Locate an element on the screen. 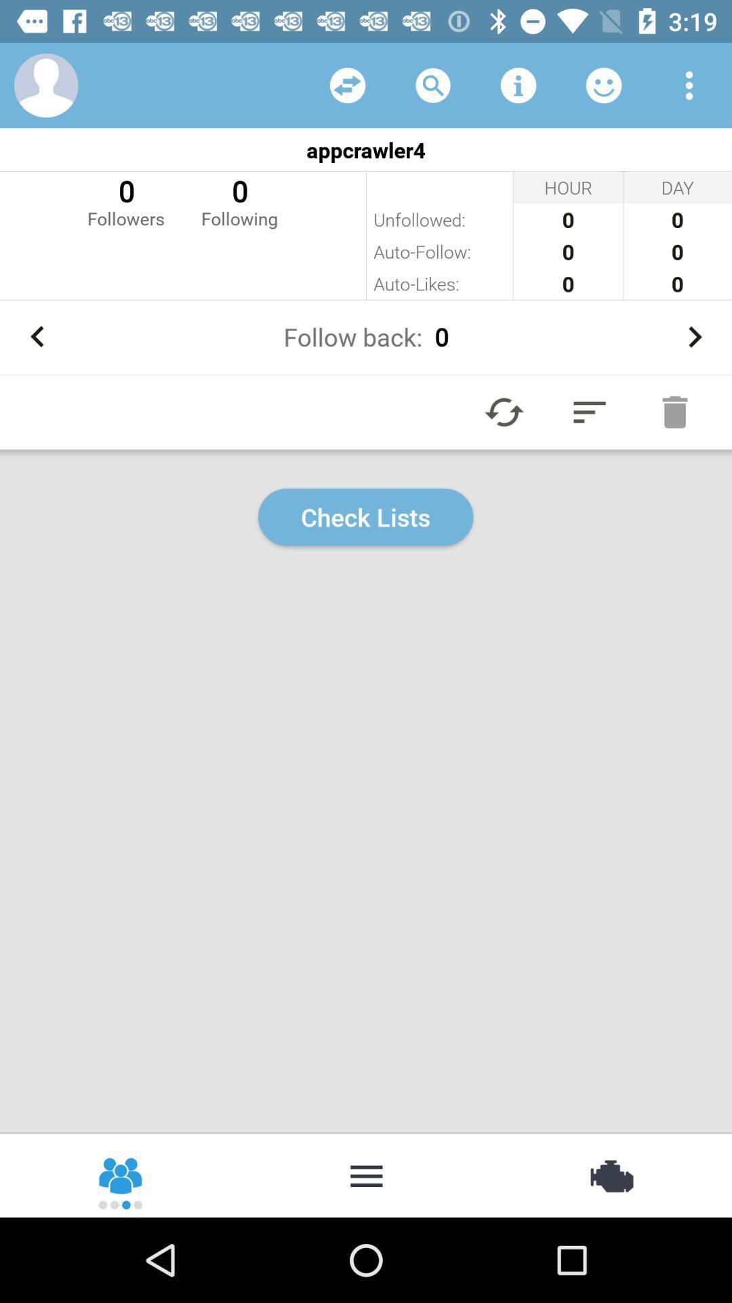  delete the list is located at coordinates (674, 411).